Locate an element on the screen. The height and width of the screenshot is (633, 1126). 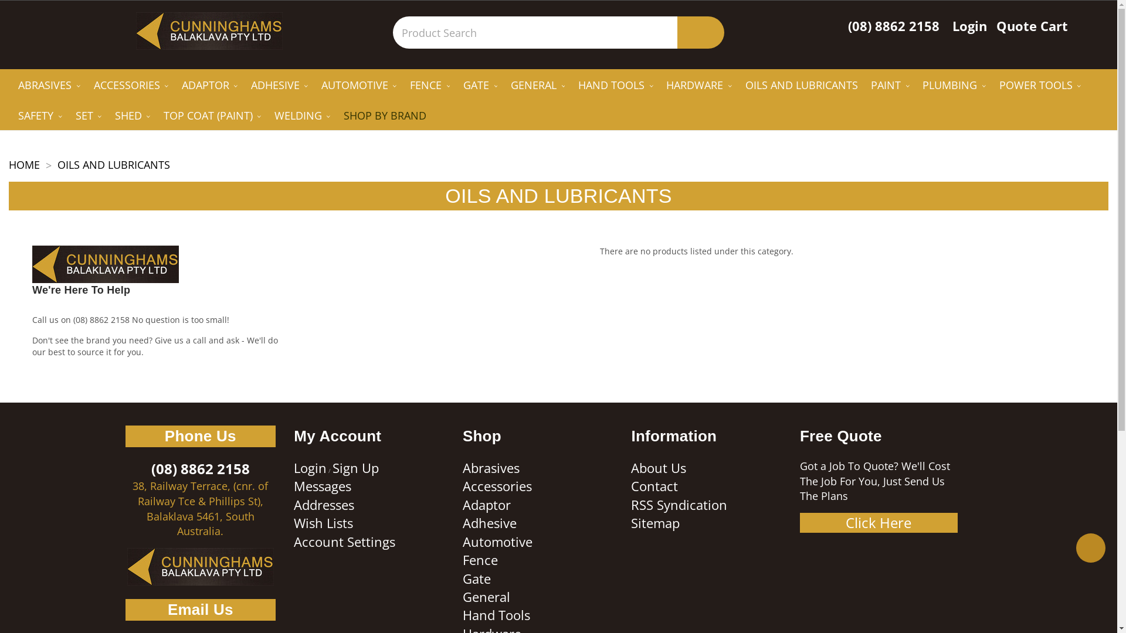
'Contact' is located at coordinates (654, 486).